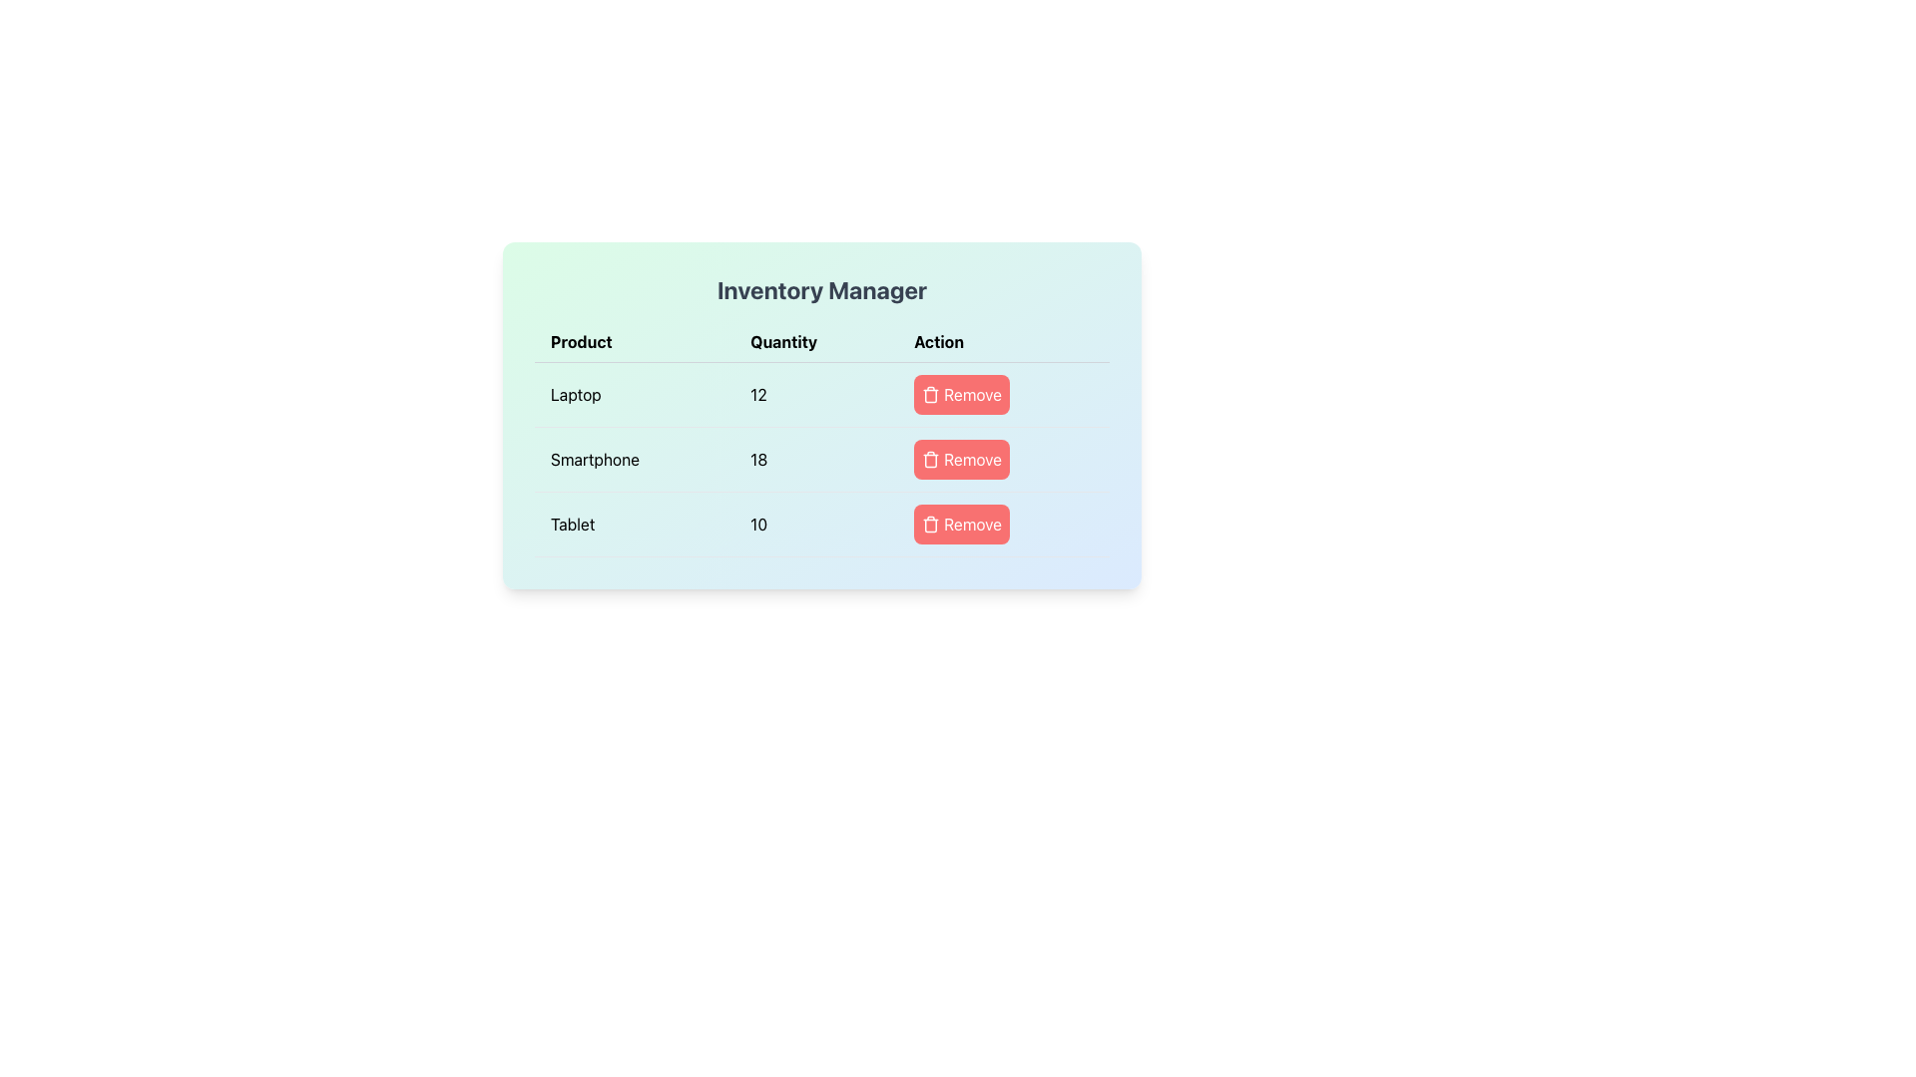  I want to click on the 'Remove' button with a red background and trash icon in the 'Action' column of the table for the item 'Laptop', so click(962, 395).